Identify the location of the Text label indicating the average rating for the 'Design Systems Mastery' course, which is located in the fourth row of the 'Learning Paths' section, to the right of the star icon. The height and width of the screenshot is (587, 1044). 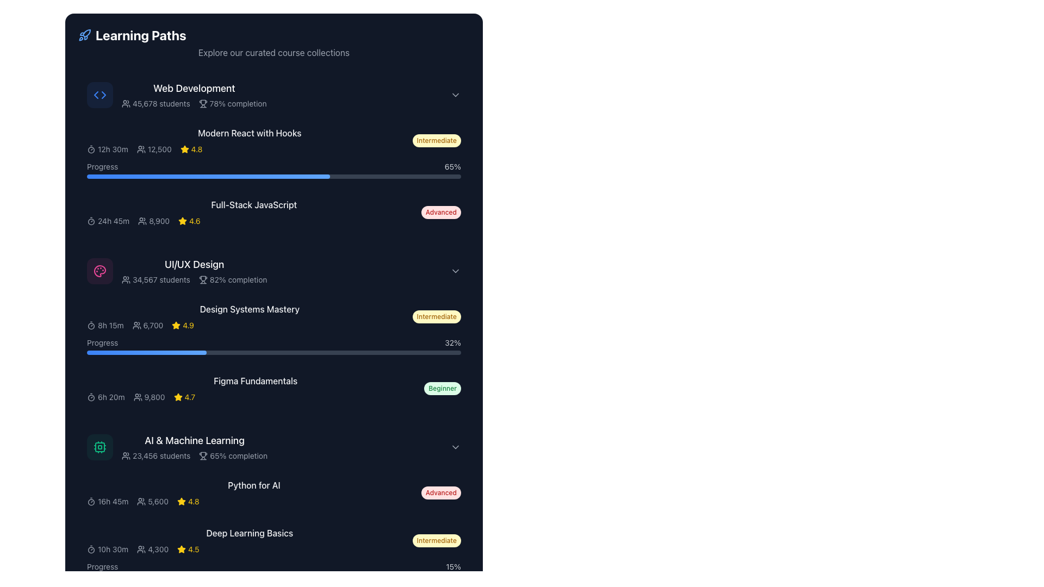
(188, 324).